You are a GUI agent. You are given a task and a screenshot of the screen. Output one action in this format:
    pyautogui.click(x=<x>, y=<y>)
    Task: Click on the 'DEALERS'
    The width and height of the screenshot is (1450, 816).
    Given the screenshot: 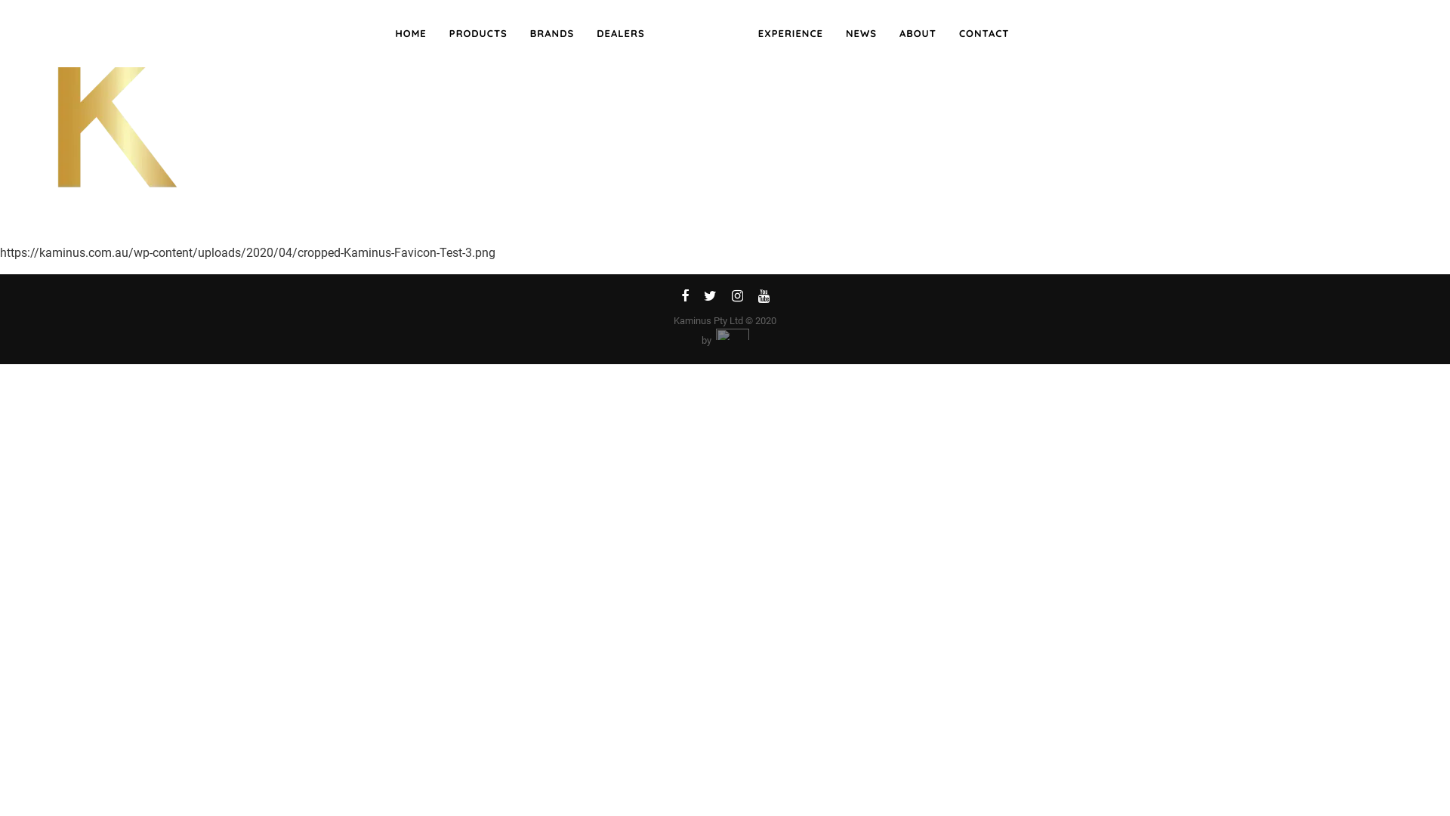 What is the action you would take?
    pyautogui.click(x=620, y=34)
    